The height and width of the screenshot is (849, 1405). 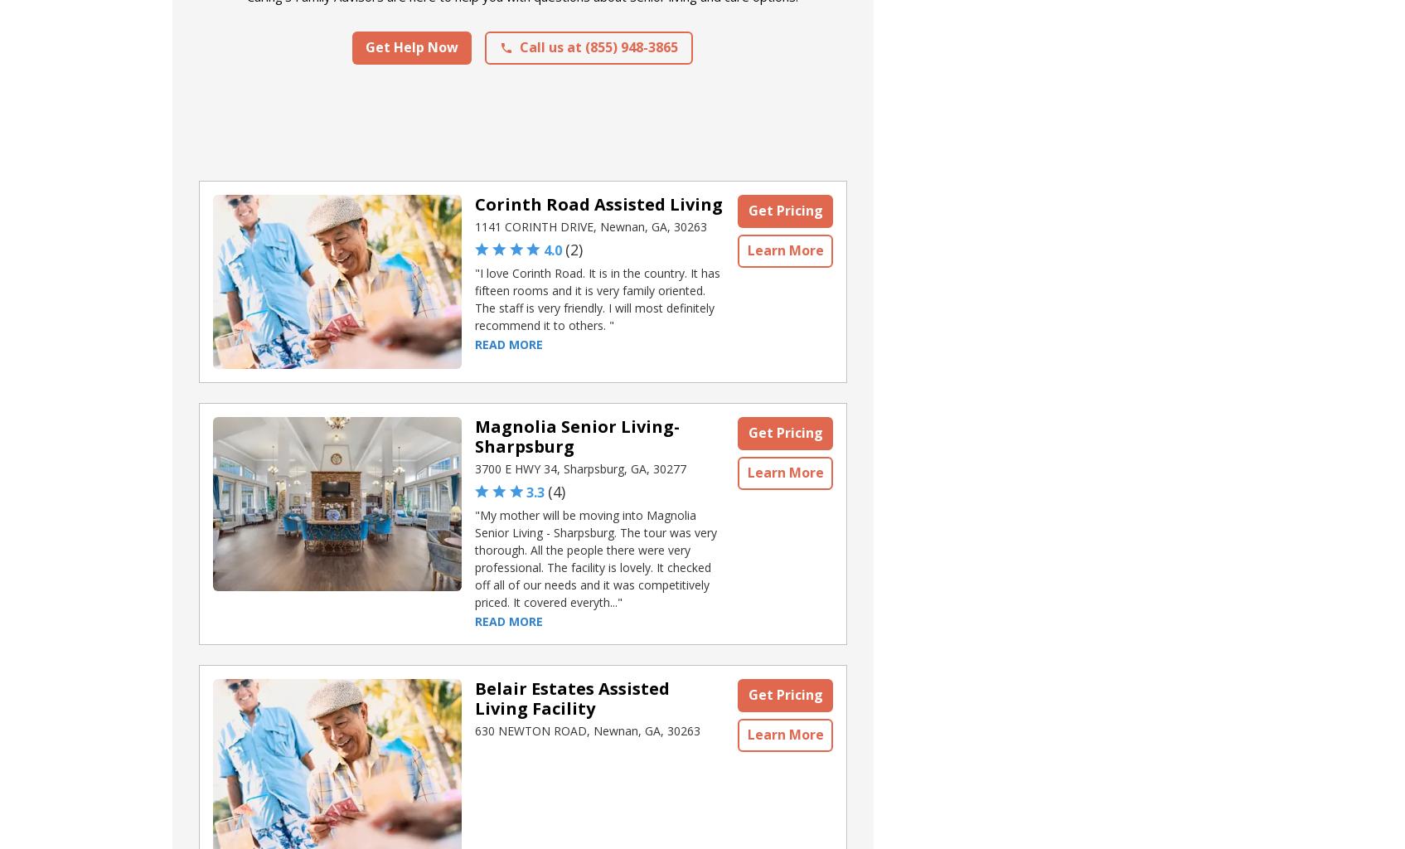 I want to click on '4', so click(x=552, y=490).